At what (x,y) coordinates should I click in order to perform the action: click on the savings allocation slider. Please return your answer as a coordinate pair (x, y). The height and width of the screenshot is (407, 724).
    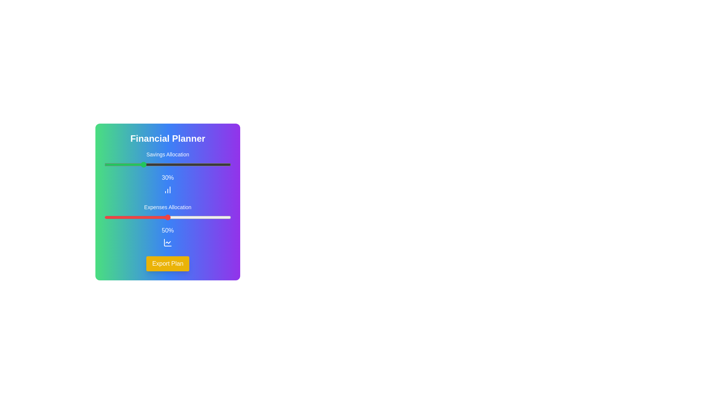
    Looking at the image, I should click on (109, 164).